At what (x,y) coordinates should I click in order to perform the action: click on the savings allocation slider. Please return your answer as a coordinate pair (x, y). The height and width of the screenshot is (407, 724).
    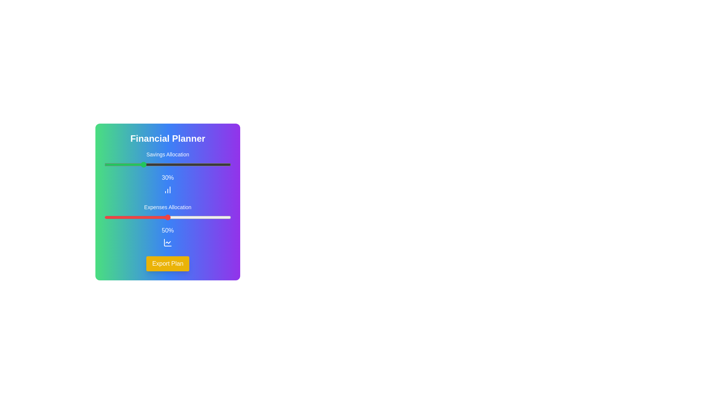
    Looking at the image, I should click on (109, 164).